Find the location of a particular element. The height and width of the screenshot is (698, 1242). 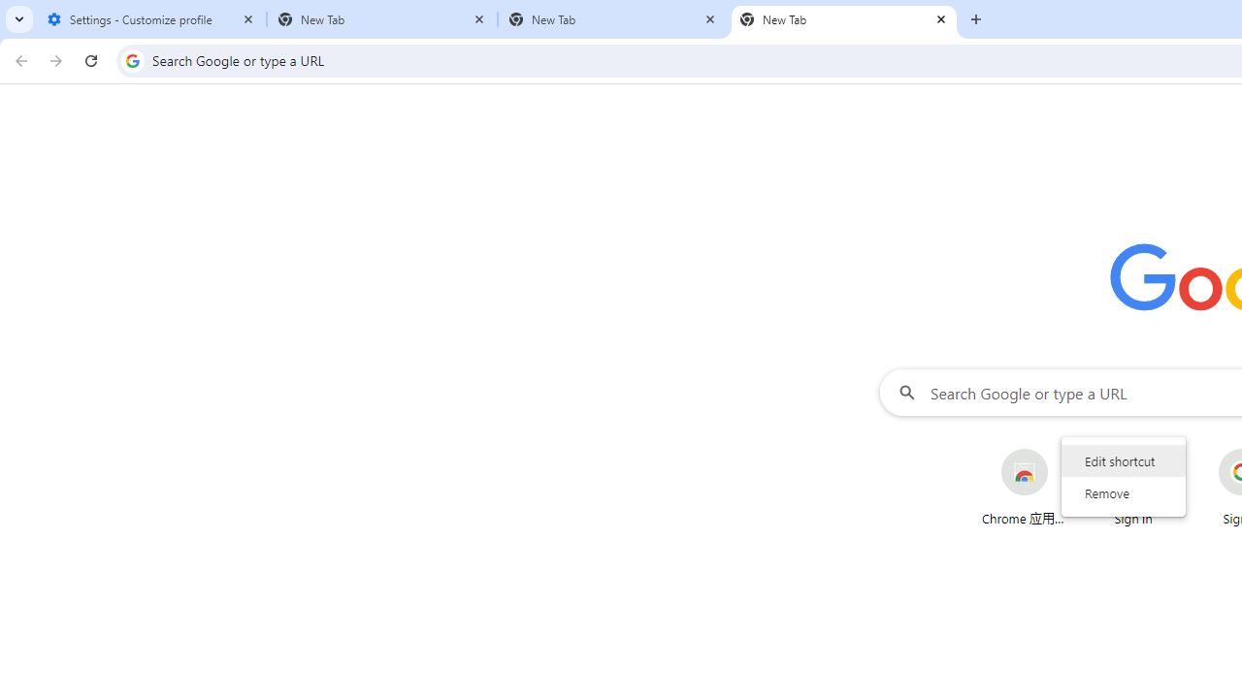

'New Tab' is located at coordinates (844, 19).